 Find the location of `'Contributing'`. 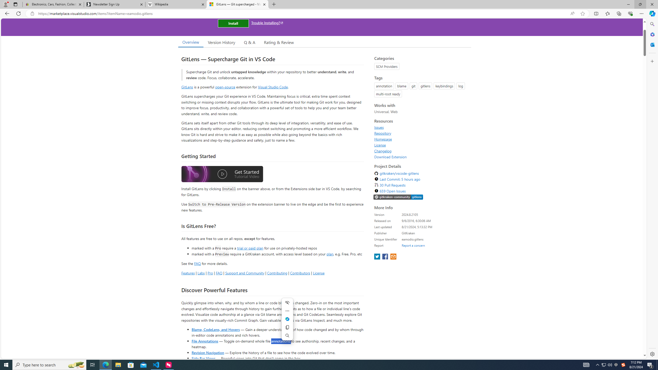

'Contributing' is located at coordinates (277, 273).